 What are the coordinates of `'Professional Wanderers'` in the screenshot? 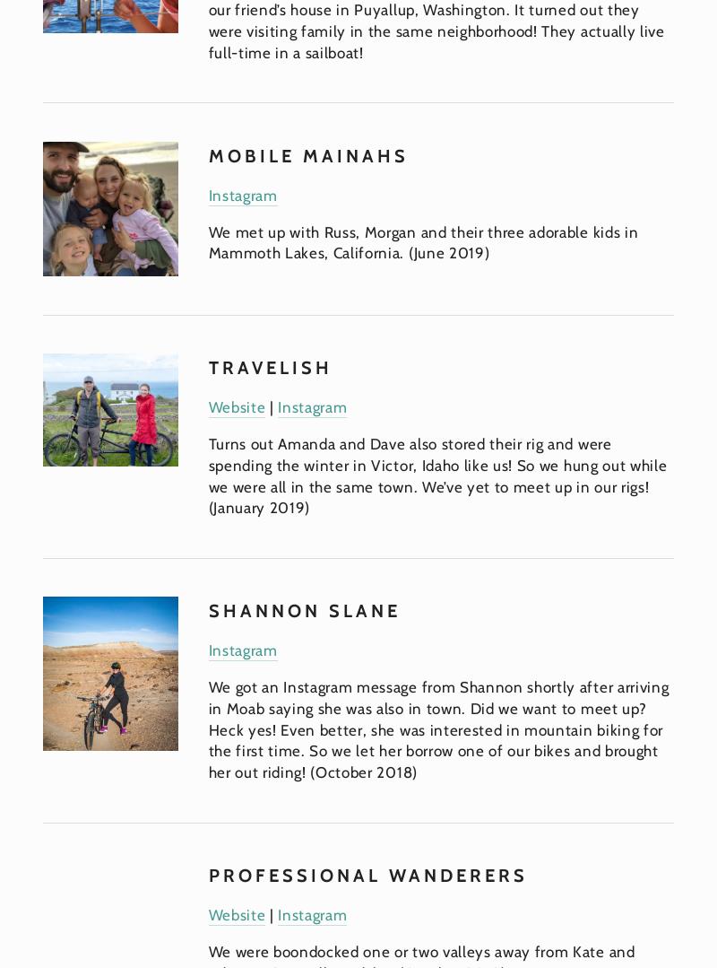 It's located at (367, 874).